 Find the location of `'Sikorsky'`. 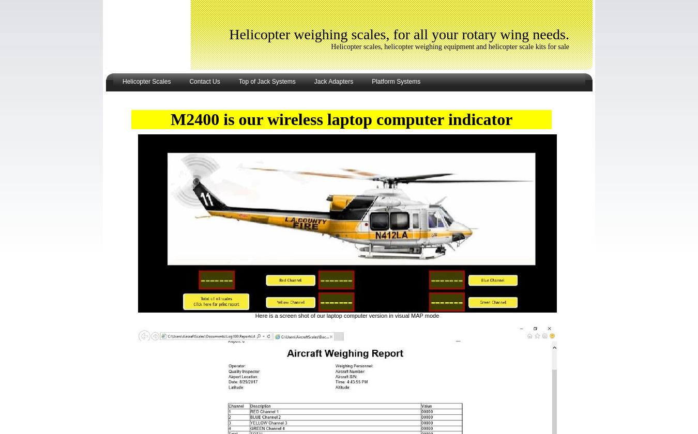

'Sikorsky' is located at coordinates (131, 176).